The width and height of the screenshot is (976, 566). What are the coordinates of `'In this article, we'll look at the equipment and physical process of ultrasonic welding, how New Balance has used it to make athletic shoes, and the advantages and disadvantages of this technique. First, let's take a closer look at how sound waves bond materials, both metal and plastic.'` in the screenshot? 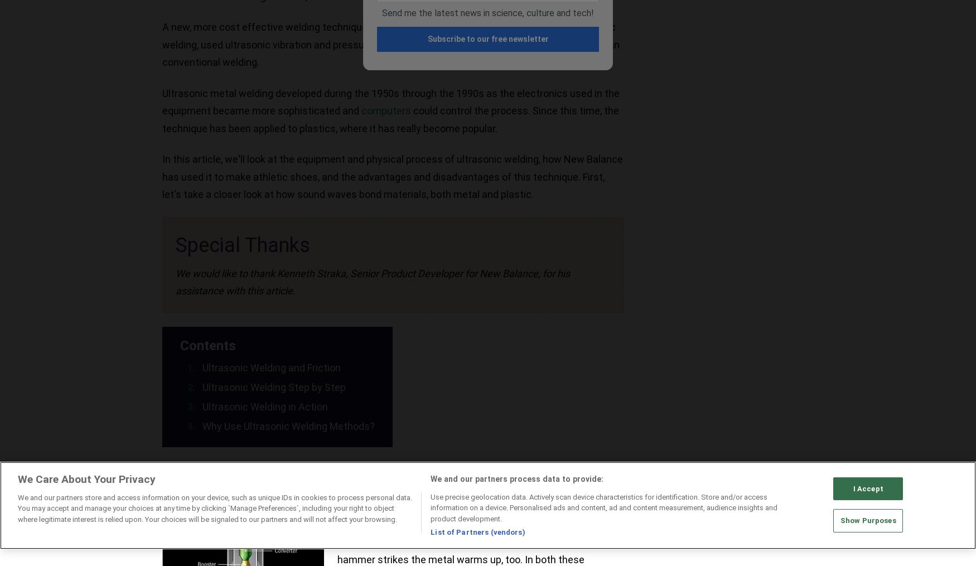 It's located at (393, 176).